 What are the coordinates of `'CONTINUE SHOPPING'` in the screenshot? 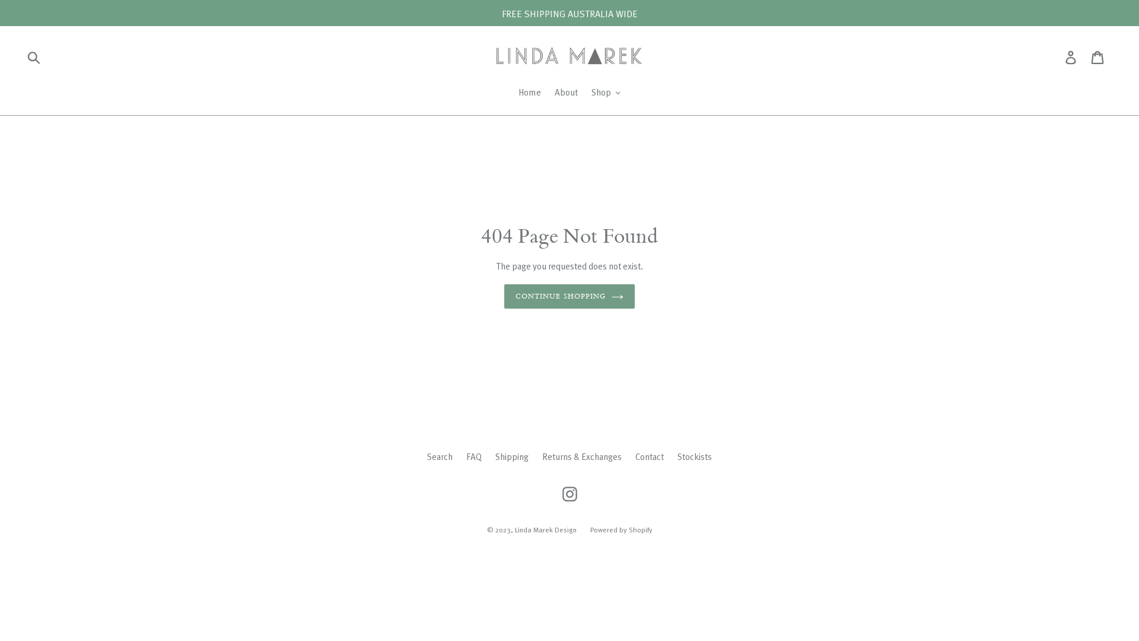 It's located at (569, 296).